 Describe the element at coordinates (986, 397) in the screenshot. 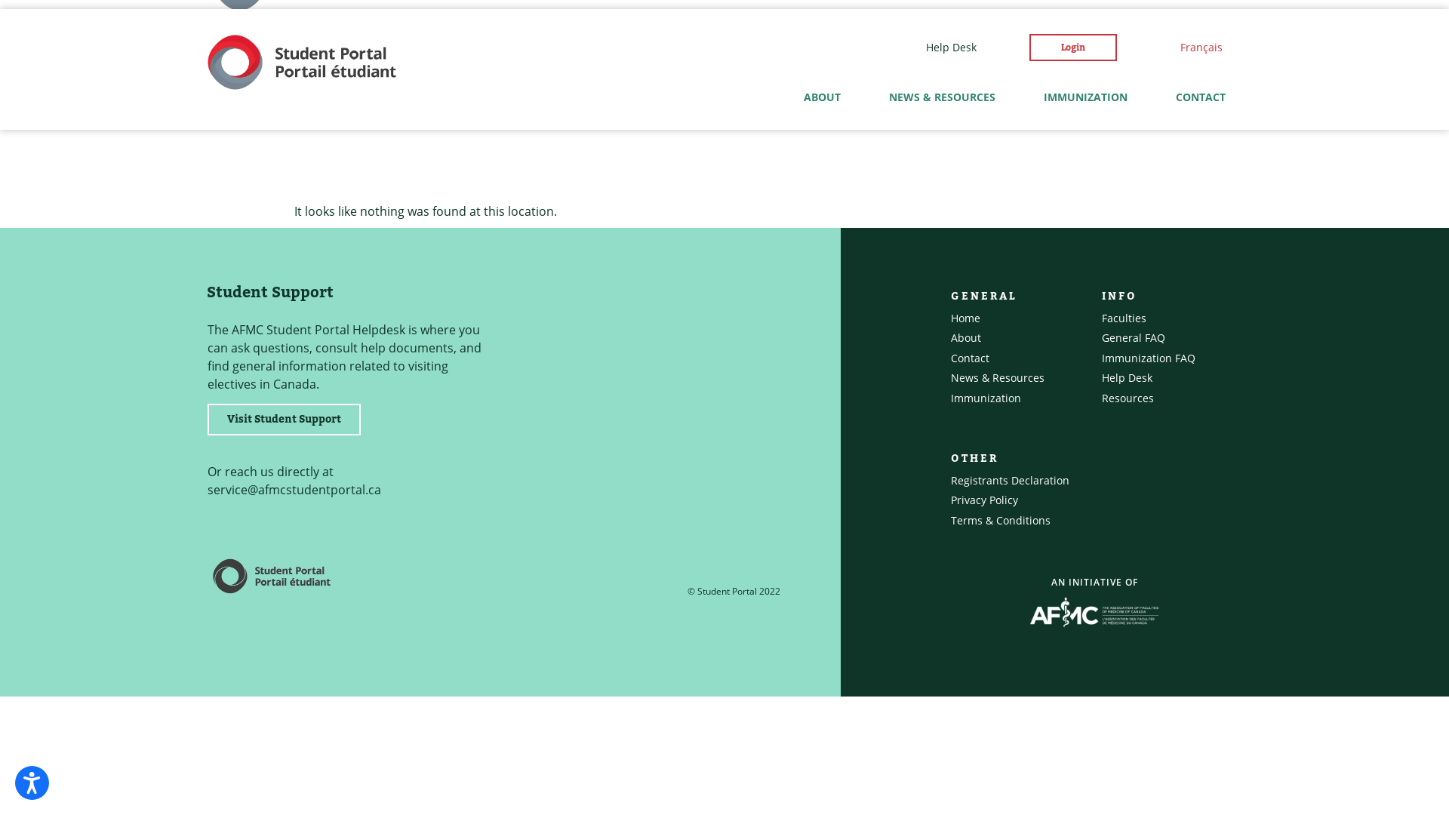

I see `'Immunization'` at that location.